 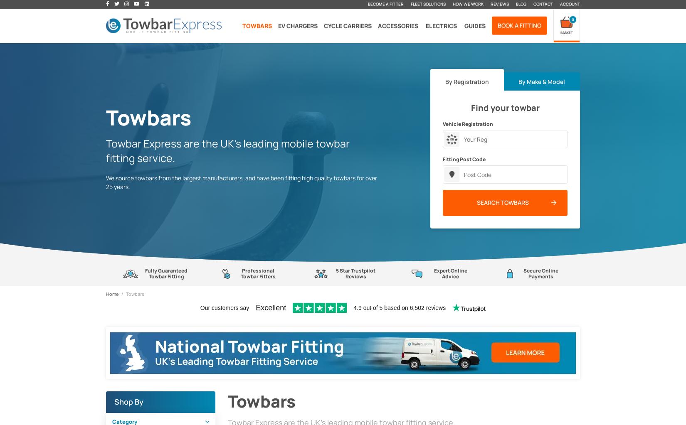 What do you see at coordinates (569, 5) in the screenshot?
I see `'Account'` at bounding box center [569, 5].